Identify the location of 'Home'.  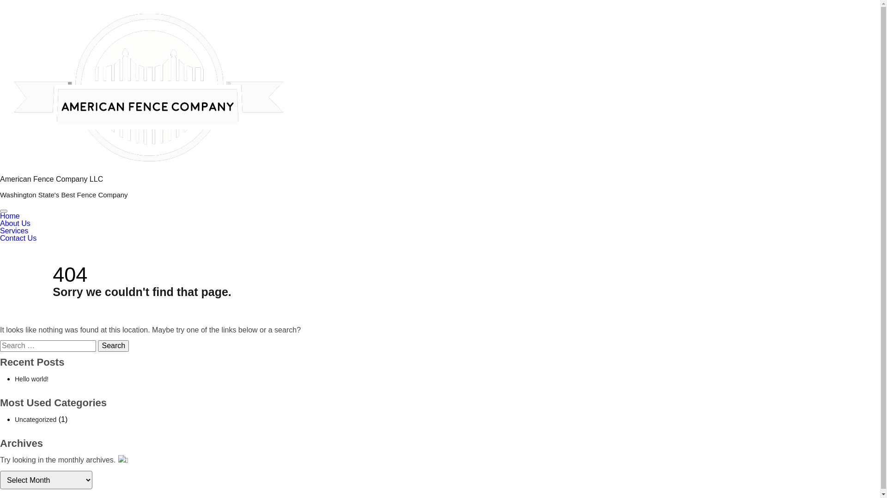
(10, 216).